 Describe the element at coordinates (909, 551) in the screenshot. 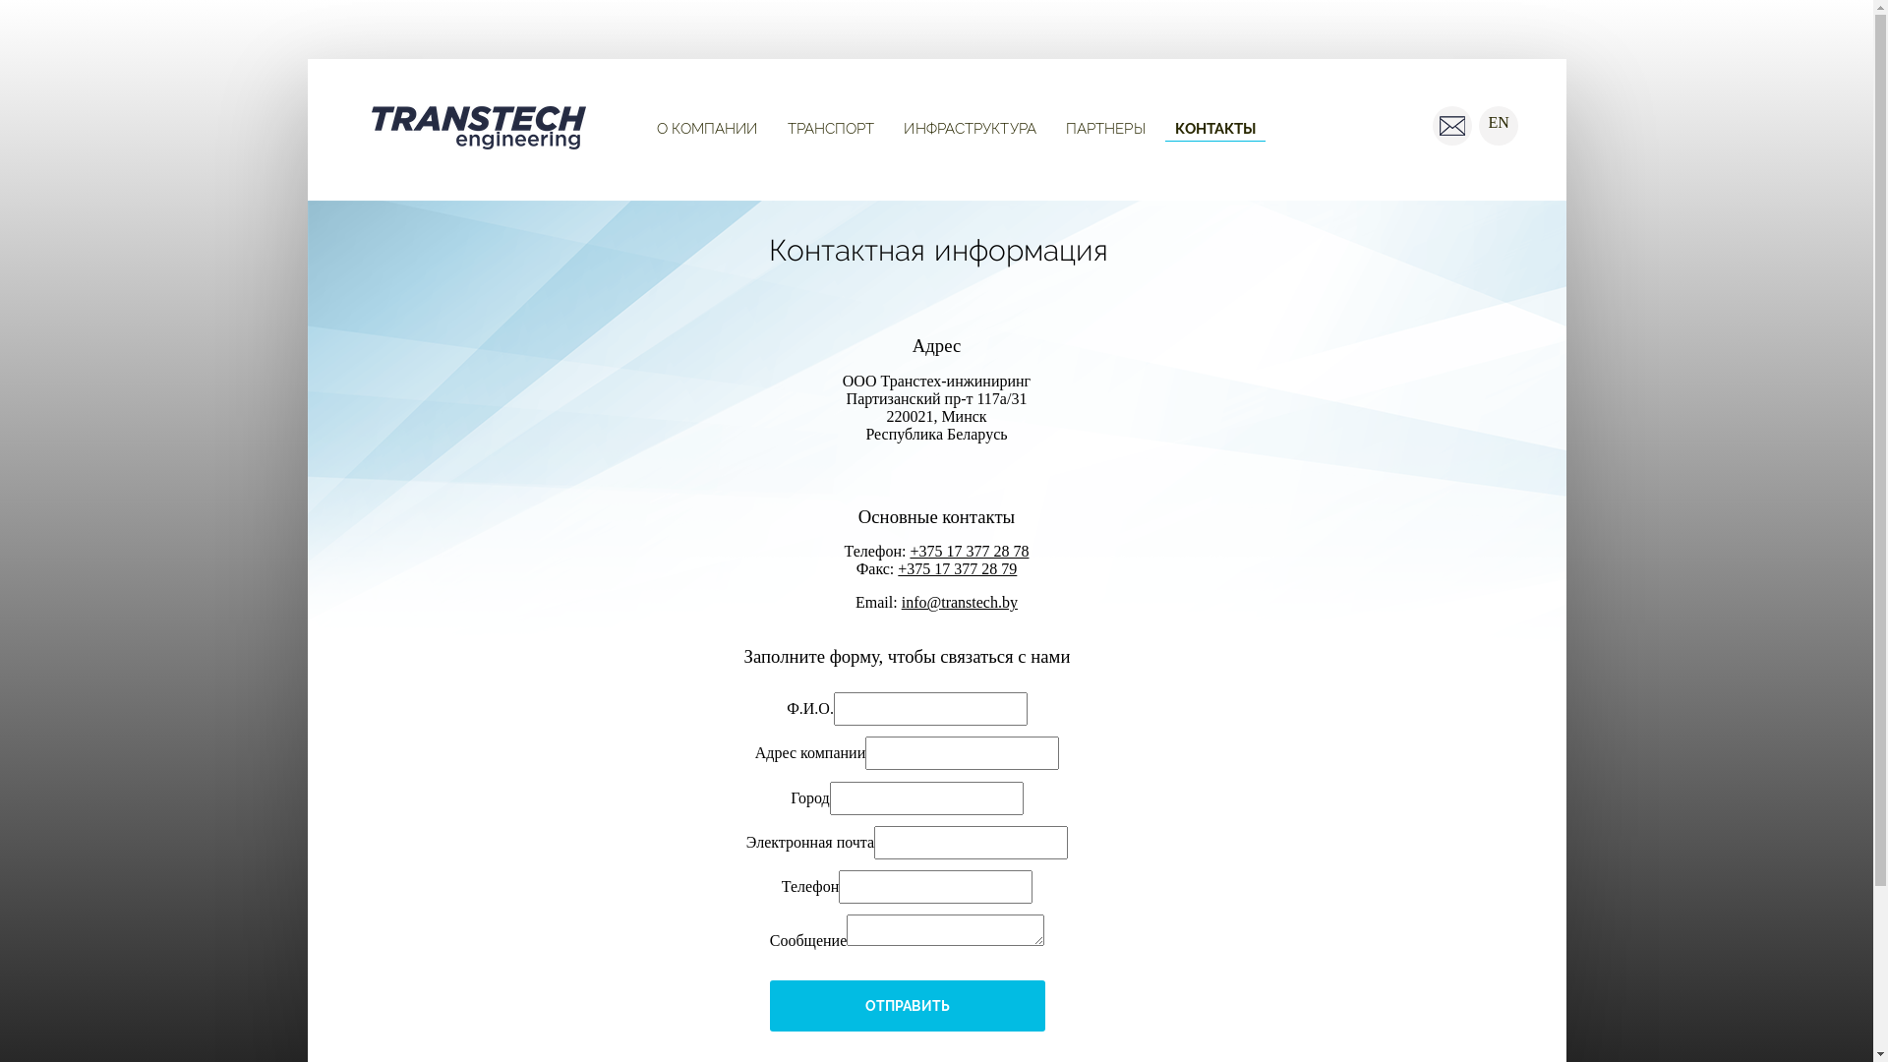

I see `'+375 17 377 28 78'` at that location.